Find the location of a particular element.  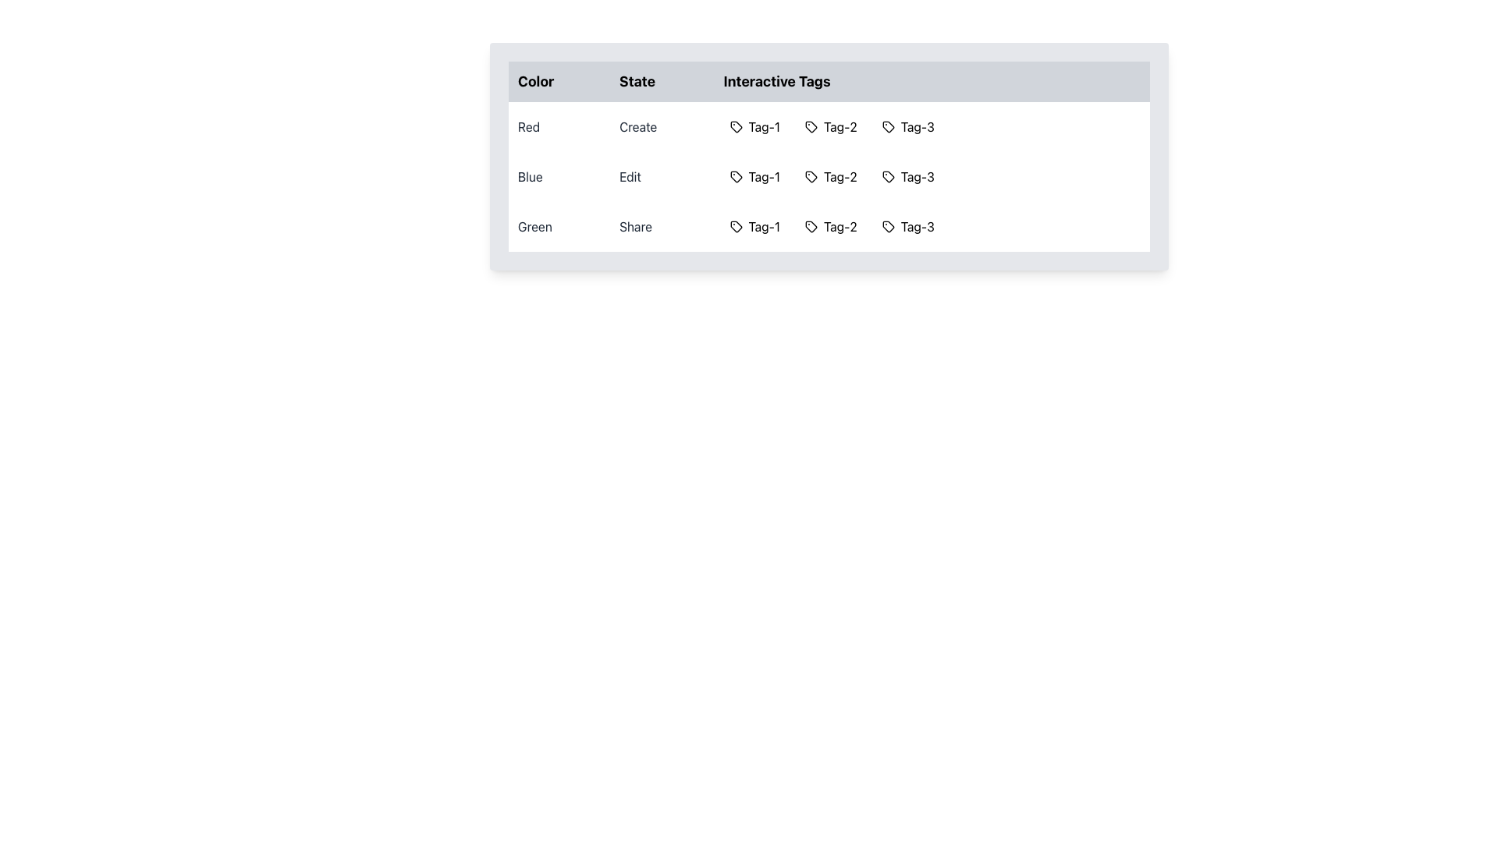

the 'Tag-2' icon, which is the first icon in the 'Interactive Tags' section under the 'Green' row, located between 'Tag-1' and 'Tag-3' is located at coordinates (811, 226).